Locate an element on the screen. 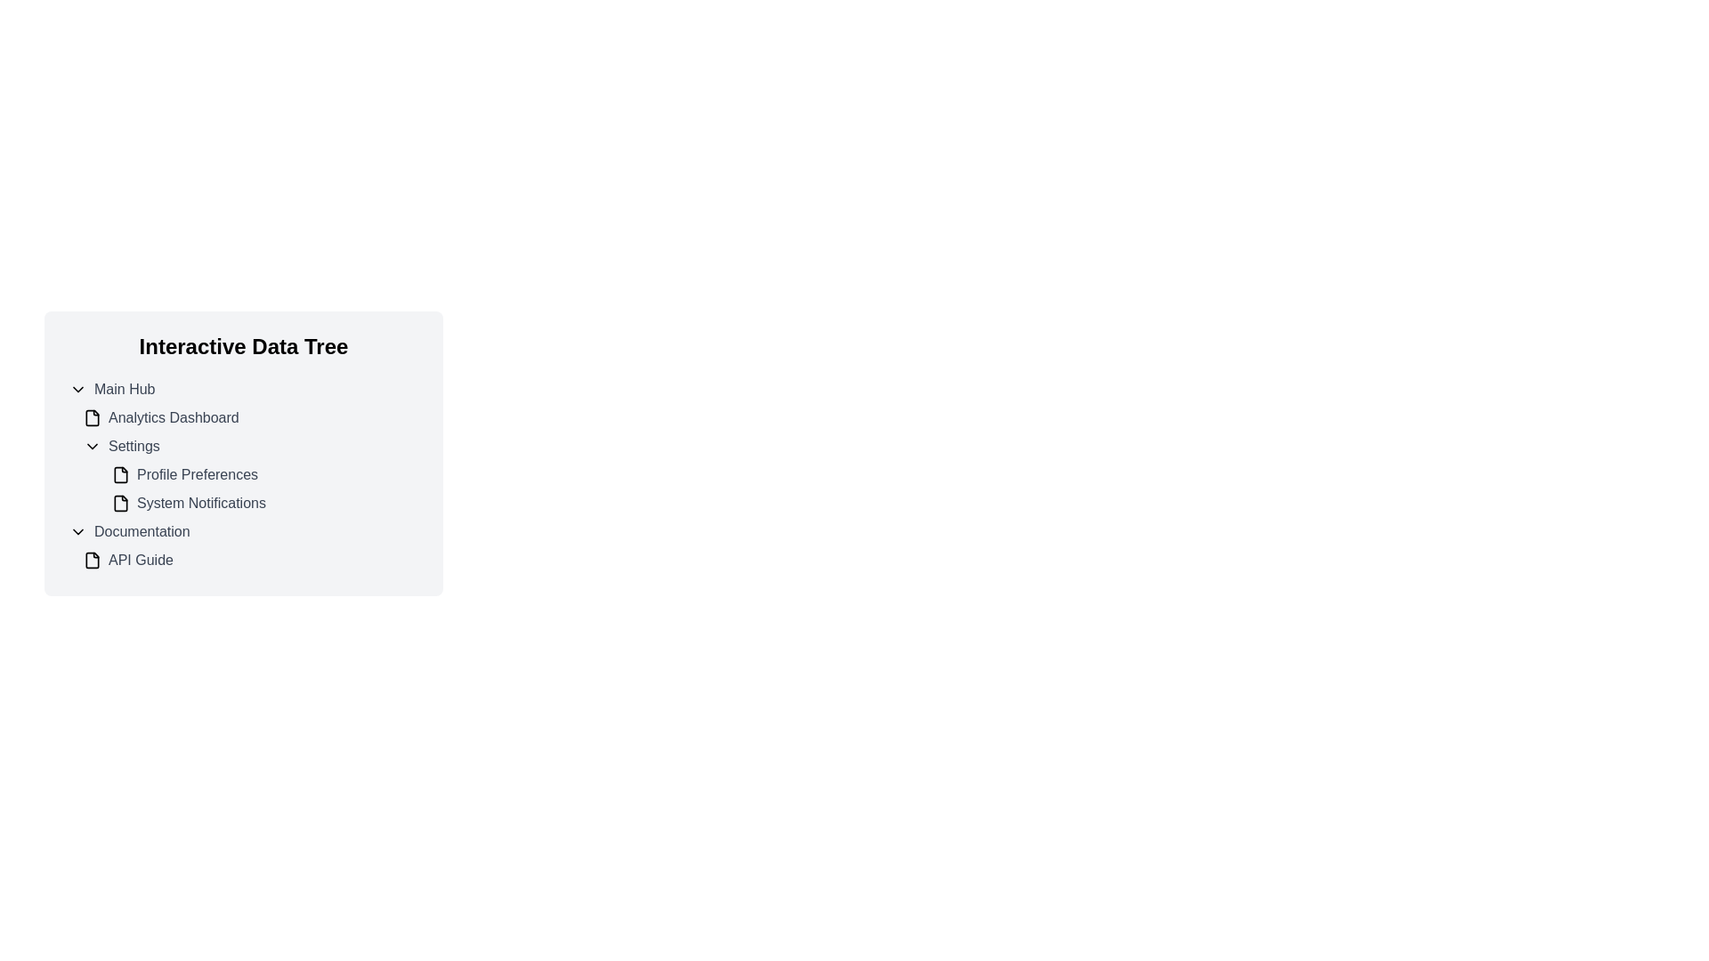  the Text label indicating the settings section, which is the second item in the 'Main Hub' navigation hierarchy, positioned to the right of a downward arrow icon is located at coordinates (133, 445).